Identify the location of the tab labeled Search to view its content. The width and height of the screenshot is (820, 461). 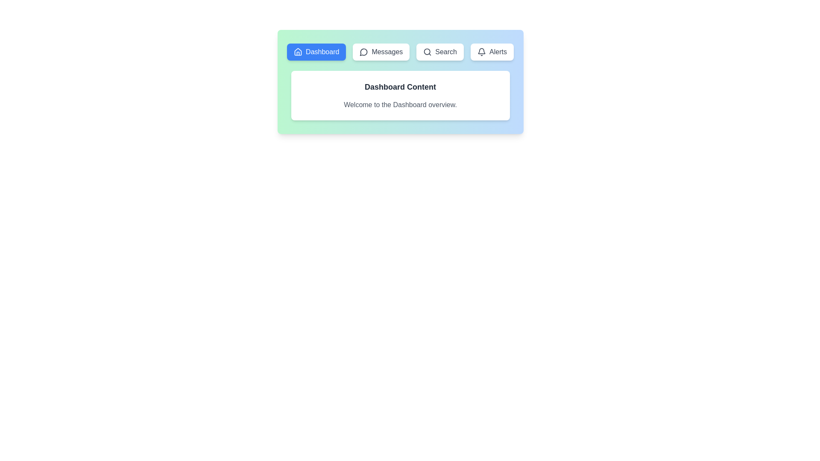
(440, 52).